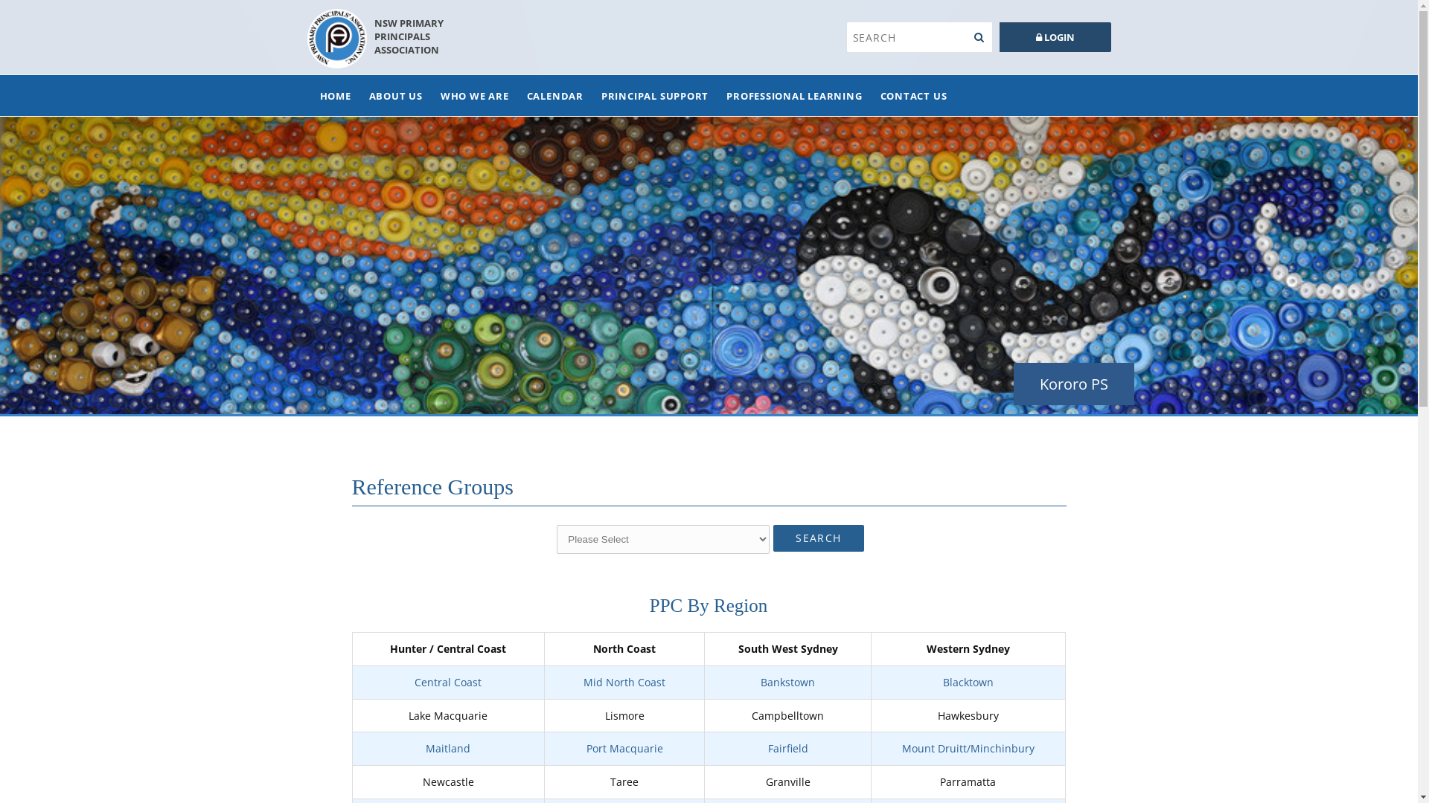  Describe the element at coordinates (474, 95) in the screenshot. I see `'WHO WE ARE'` at that location.